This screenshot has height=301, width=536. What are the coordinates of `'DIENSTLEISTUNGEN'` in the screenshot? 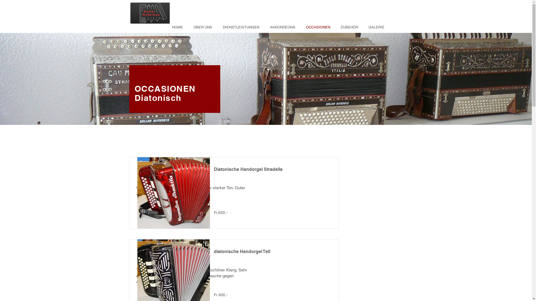 It's located at (240, 27).